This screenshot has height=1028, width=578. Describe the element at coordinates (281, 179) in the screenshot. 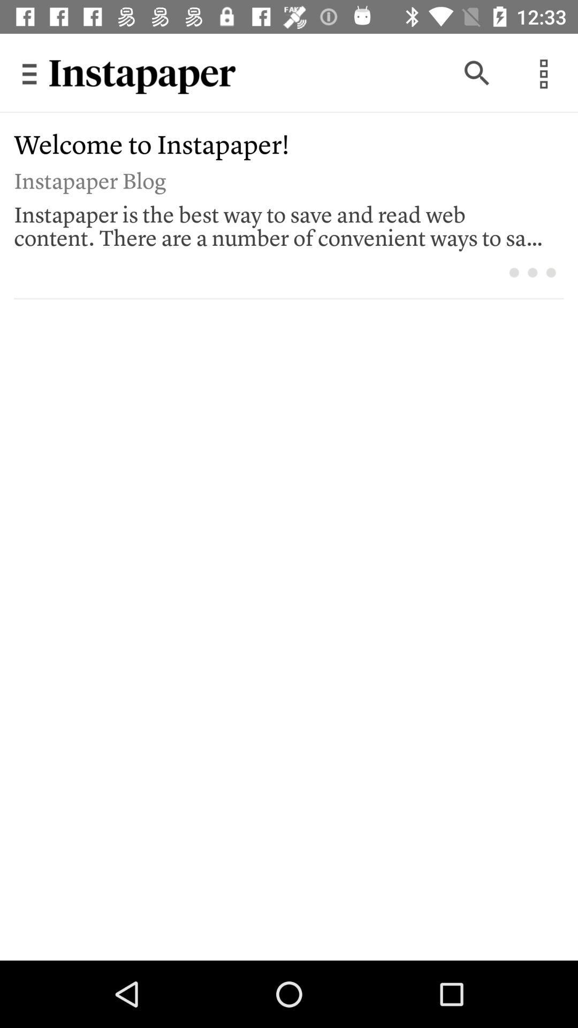

I see `the instapaper blog item` at that location.